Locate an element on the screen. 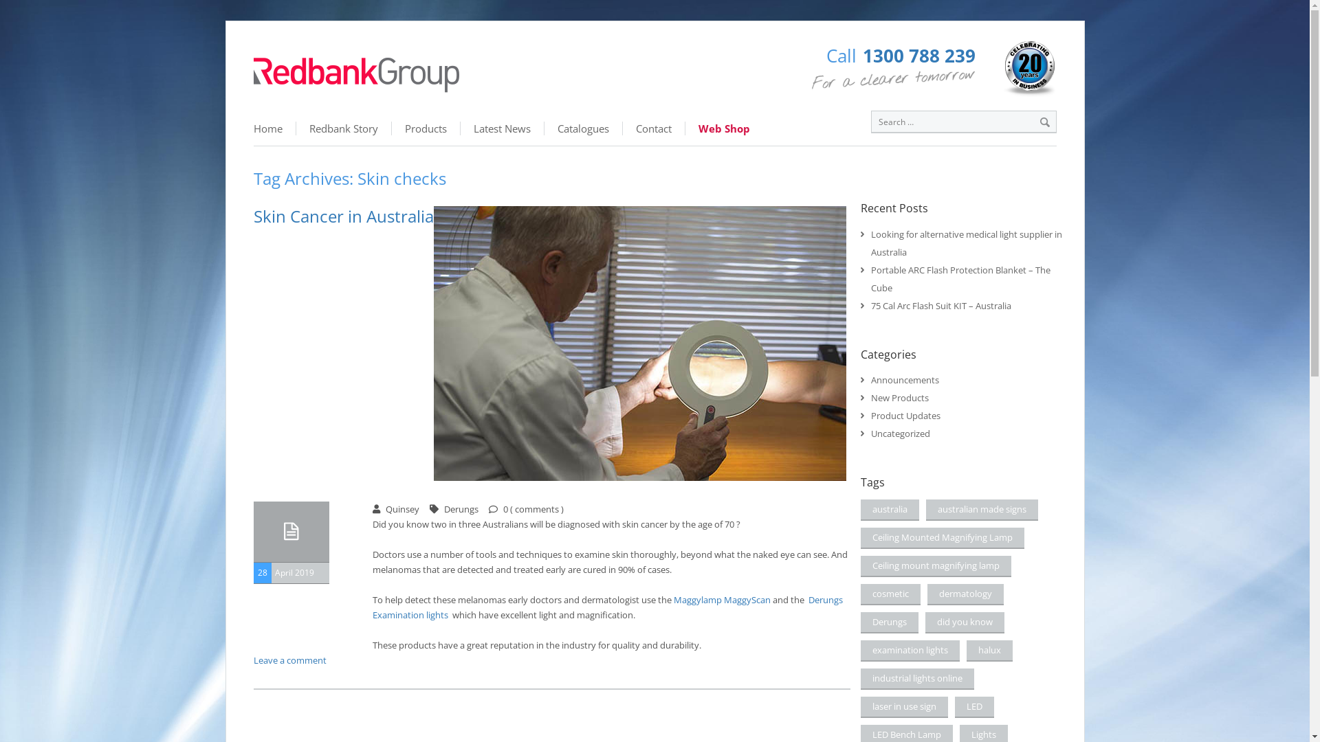 The width and height of the screenshot is (1320, 742). 'did you know' is located at coordinates (964, 622).